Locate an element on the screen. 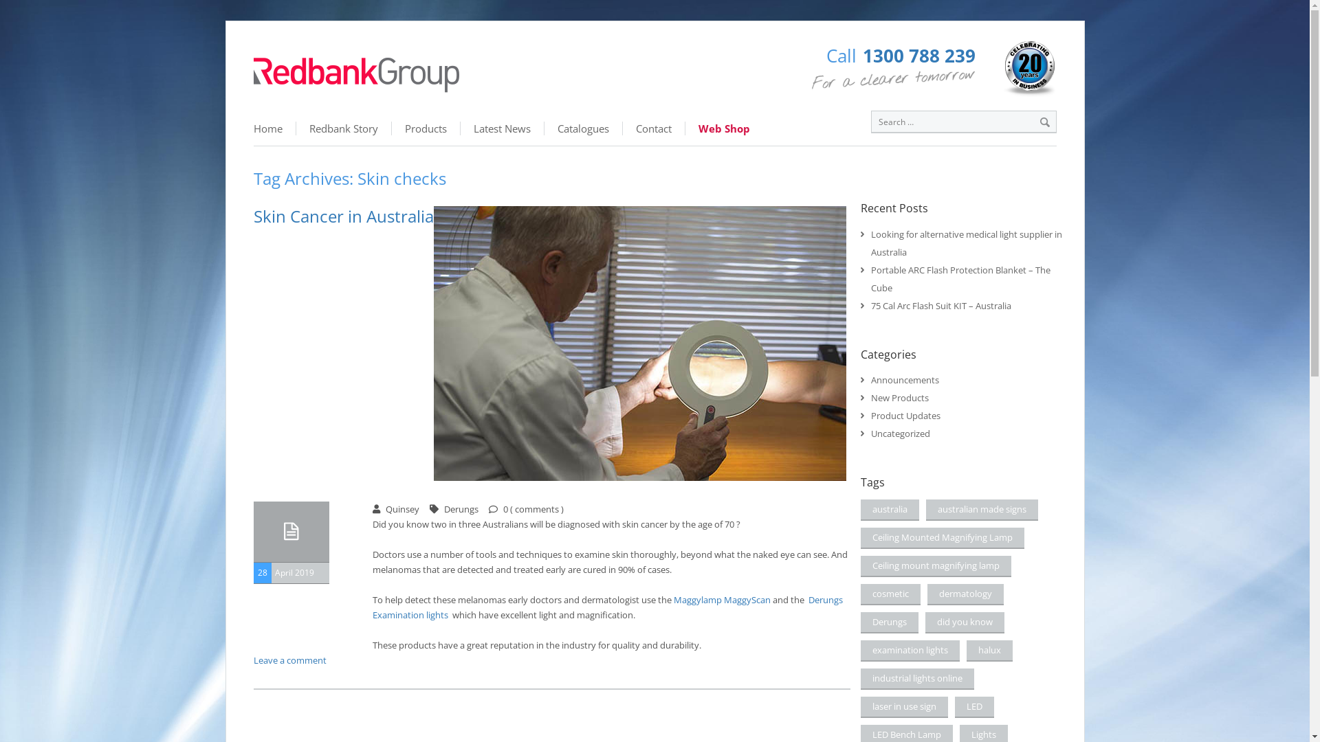 The width and height of the screenshot is (1320, 742). 'did you know' is located at coordinates (964, 622).